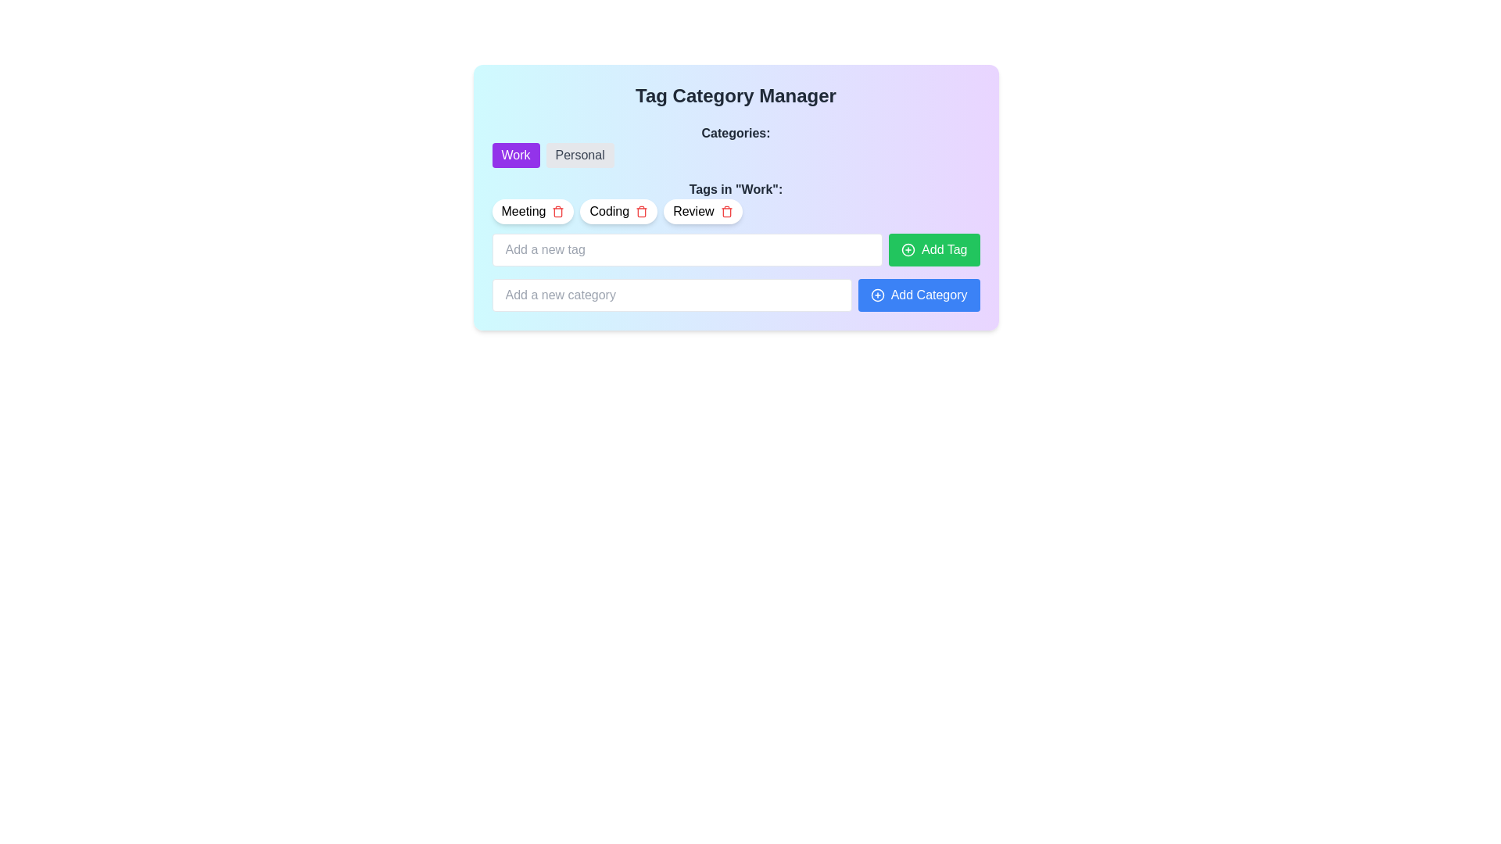  I want to click on the 'Work' button, which is a rectangular button with rounded corners and white text on a purple background, so click(516, 156).